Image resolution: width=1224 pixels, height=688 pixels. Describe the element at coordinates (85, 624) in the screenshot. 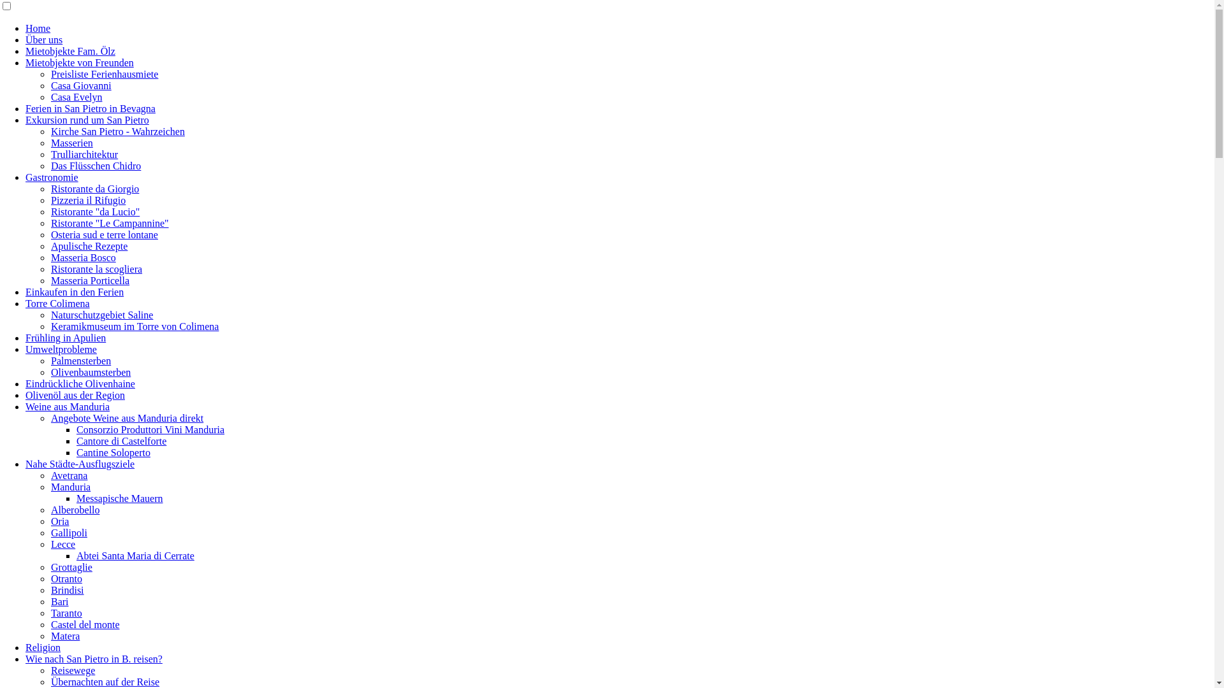

I see `'Castel del monte'` at that location.